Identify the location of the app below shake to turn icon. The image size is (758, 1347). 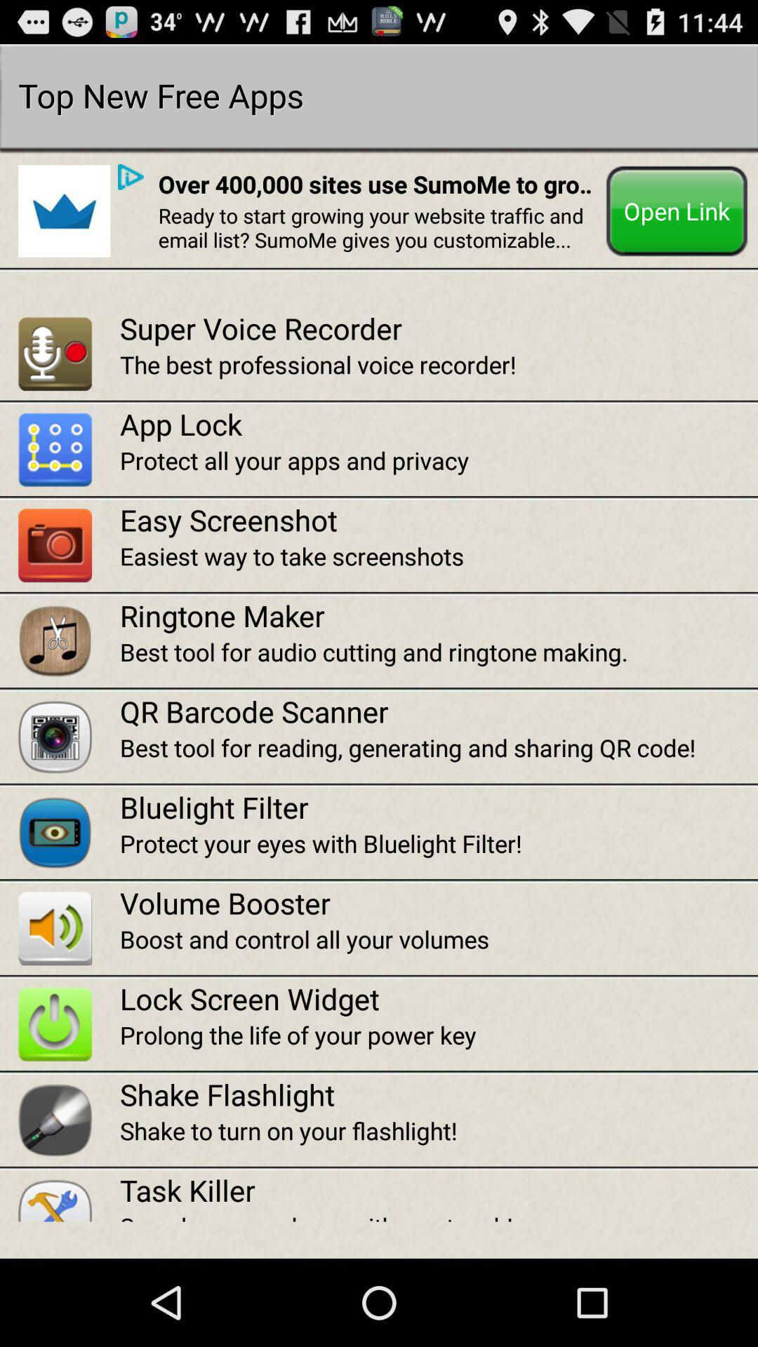
(438, 1189).